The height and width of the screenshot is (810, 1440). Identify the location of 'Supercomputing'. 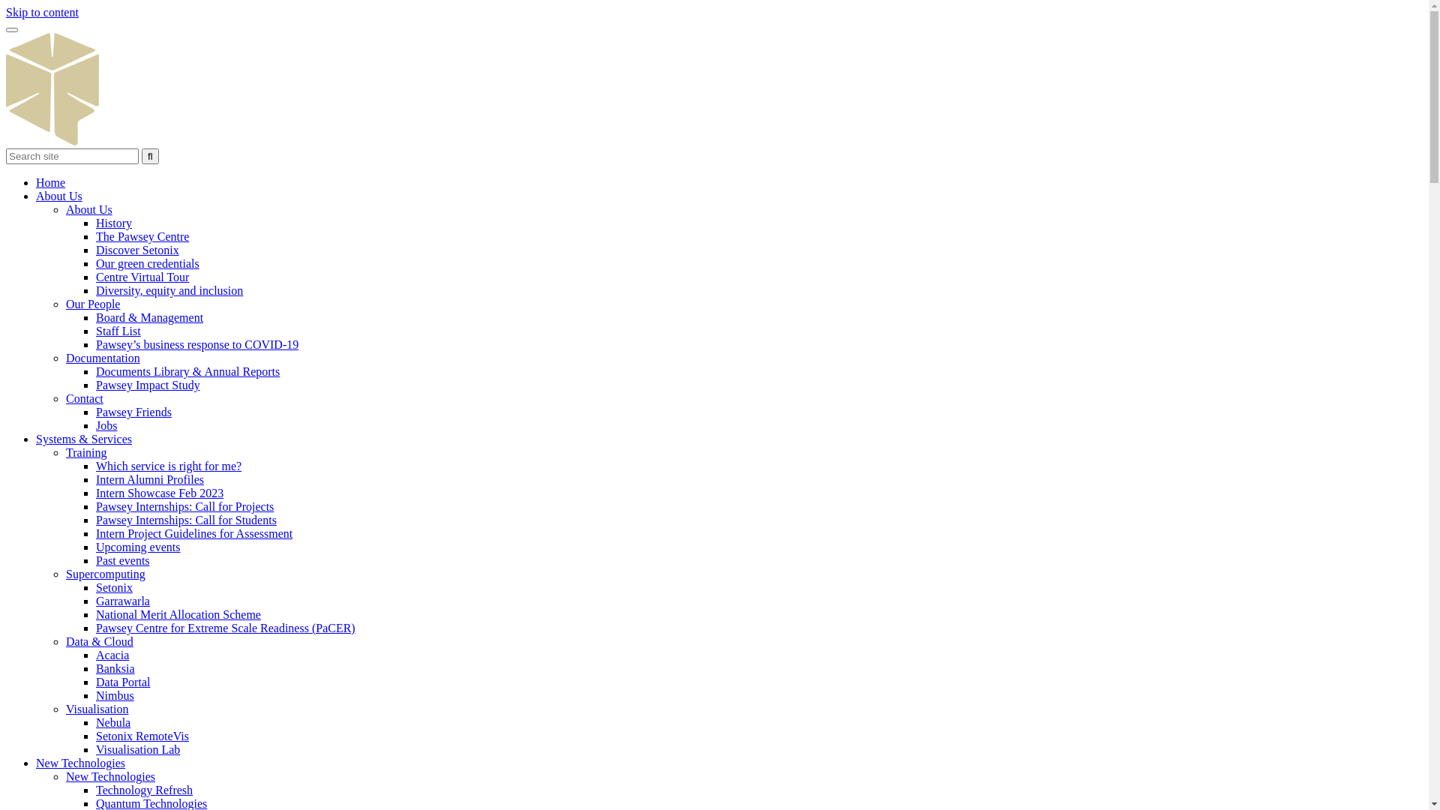
(104, 574).